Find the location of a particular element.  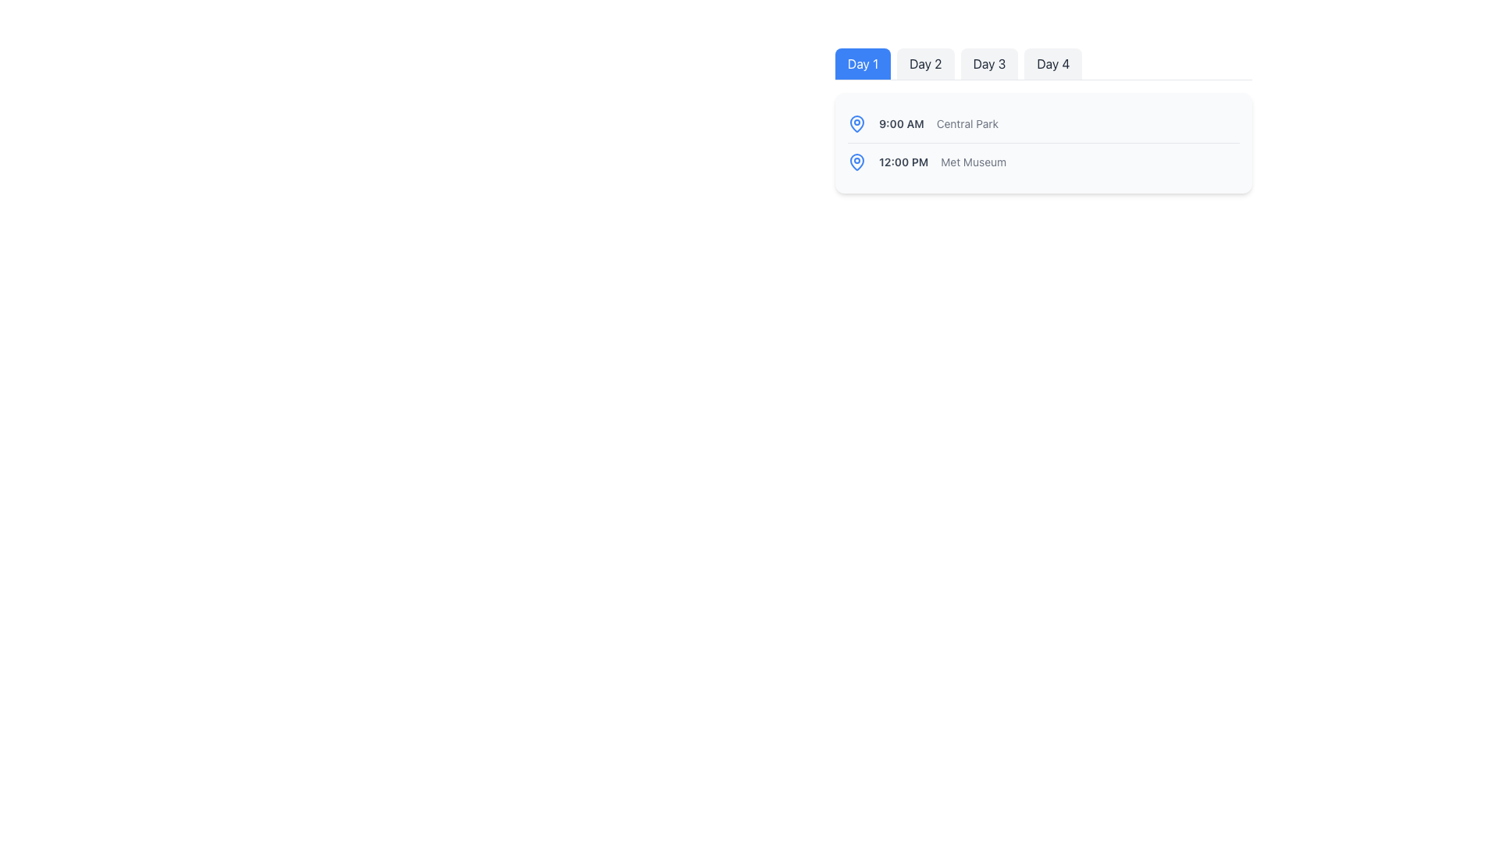

the Label element displaying '9:00 AM', which is positioned to the right of a blue icon and to the left of the text 'Central Park' is located at coordinates (901, 123).